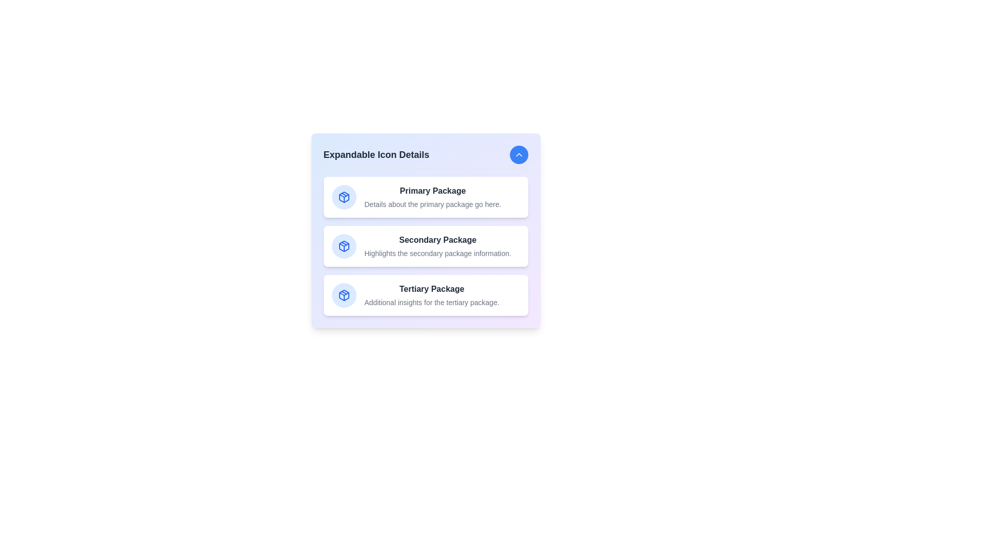 This screenshot has height=552, width=982. Describe the element at coordinates (519, 155) in the screenshot. I see `the circular blue button with a white upward chevron icon in the header of the 'Expandable Icon Details' panel` at that location.